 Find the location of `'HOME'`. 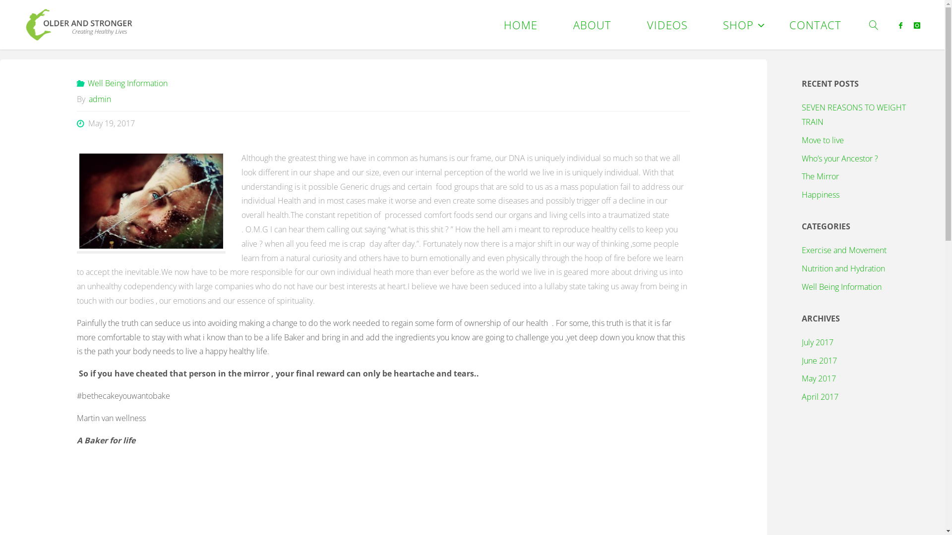

'HOME' is located at coordinates (485, 24).